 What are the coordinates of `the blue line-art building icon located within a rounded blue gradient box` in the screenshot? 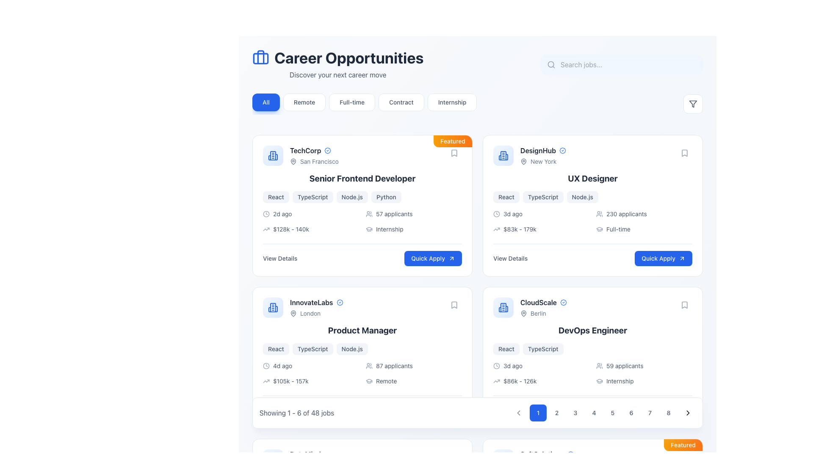 It's located at (273, 155).